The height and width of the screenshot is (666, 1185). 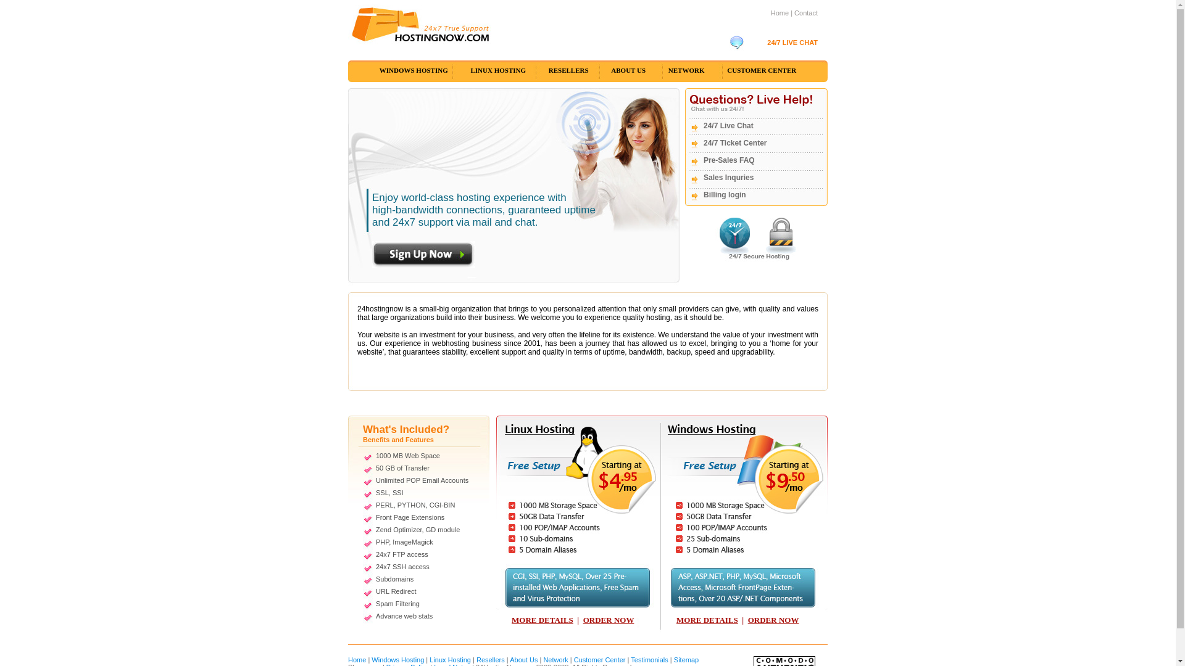 What do you see at coordinates (770, 12) in the screenshot?
I see `'Home'` at bounding box center [770, 12].